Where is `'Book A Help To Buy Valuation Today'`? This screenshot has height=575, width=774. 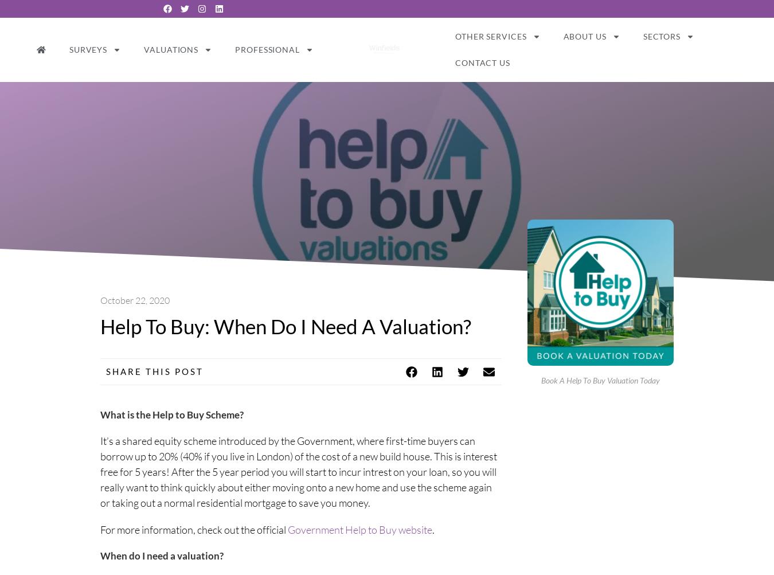 'Book A Help To Buy Valuation Today' is located at coordinates (600, 380).